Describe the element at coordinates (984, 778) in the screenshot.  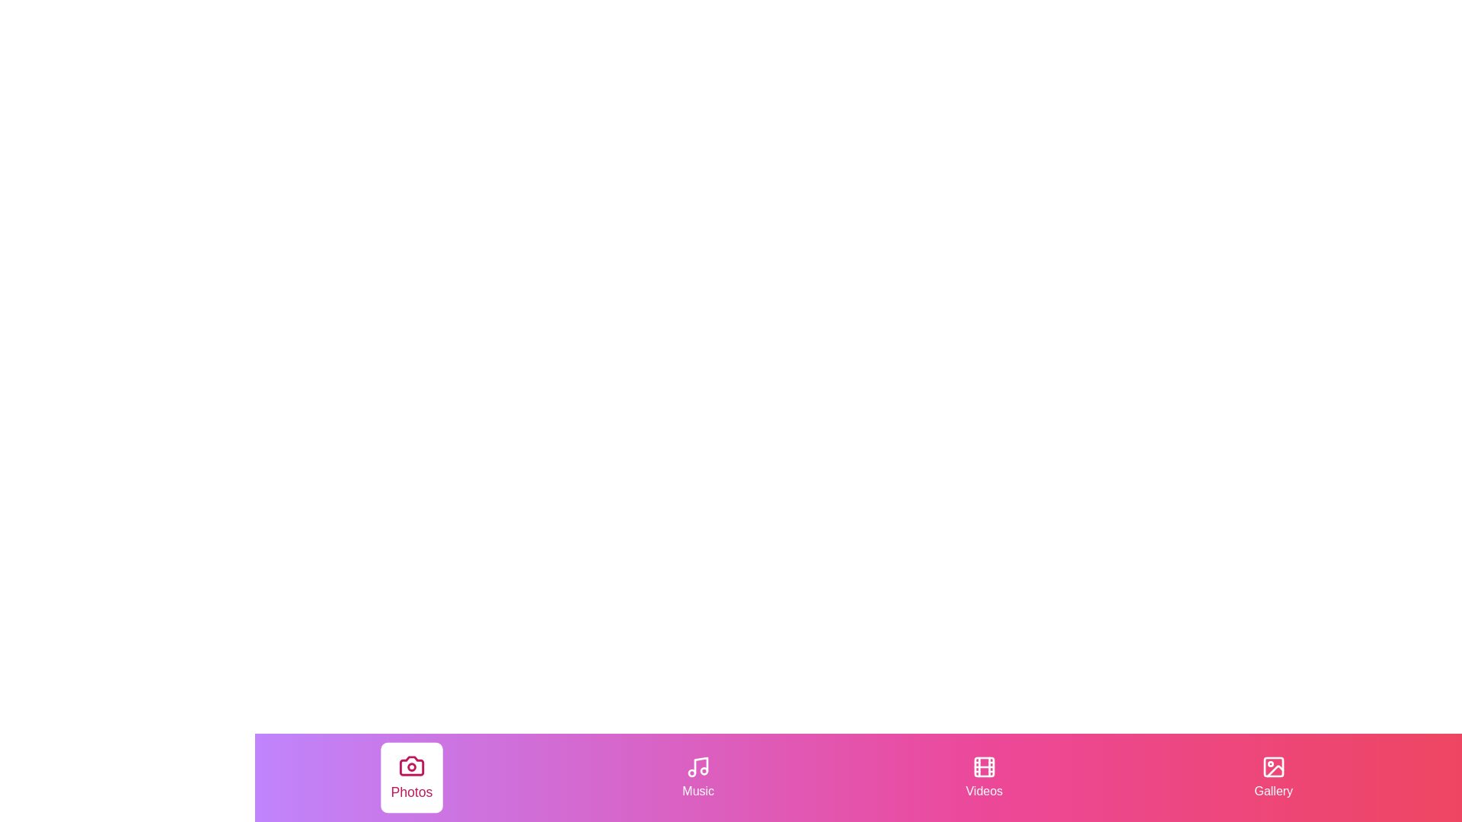
I see `the Videos tab to observe its hover effect` at that location.